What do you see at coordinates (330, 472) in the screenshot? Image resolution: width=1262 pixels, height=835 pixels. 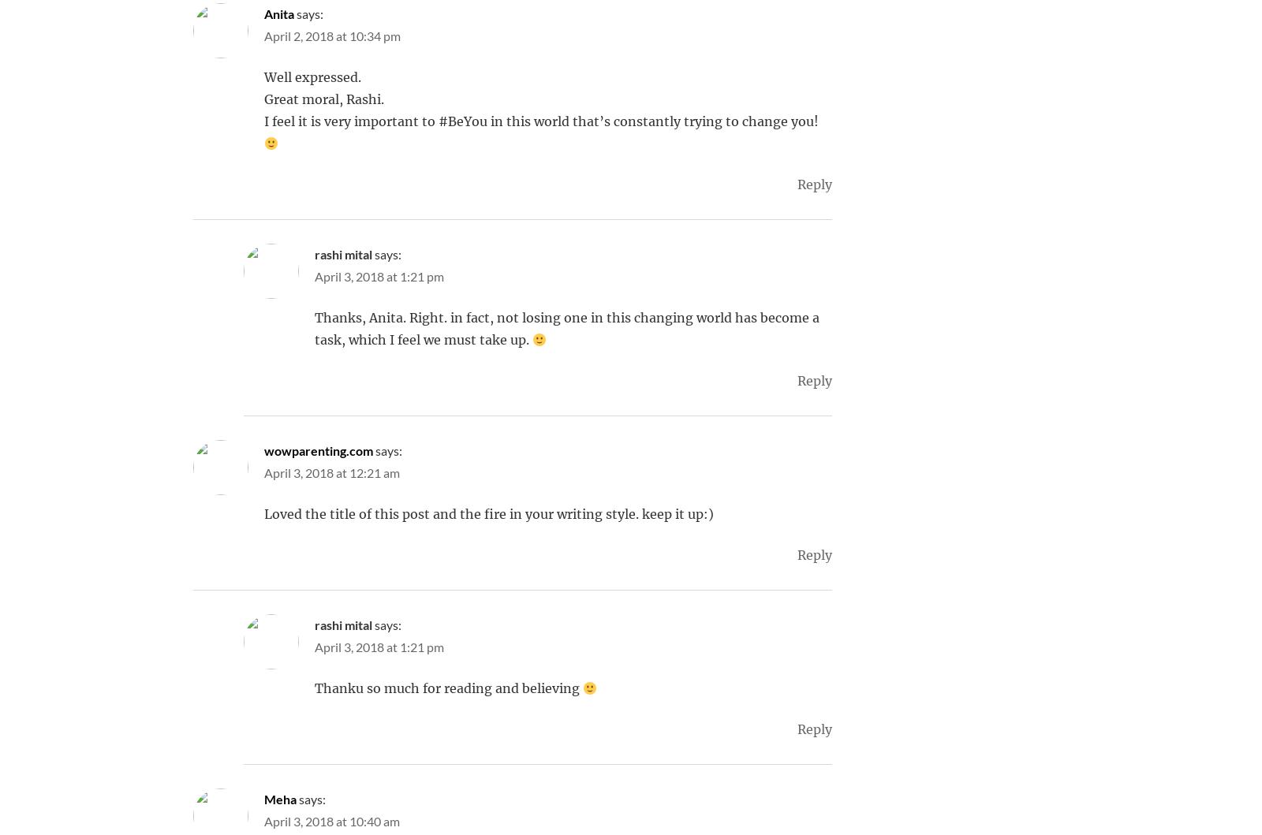 I see `'April 3, 2018 at 12:21 am'` at bounding box center [330, 472].